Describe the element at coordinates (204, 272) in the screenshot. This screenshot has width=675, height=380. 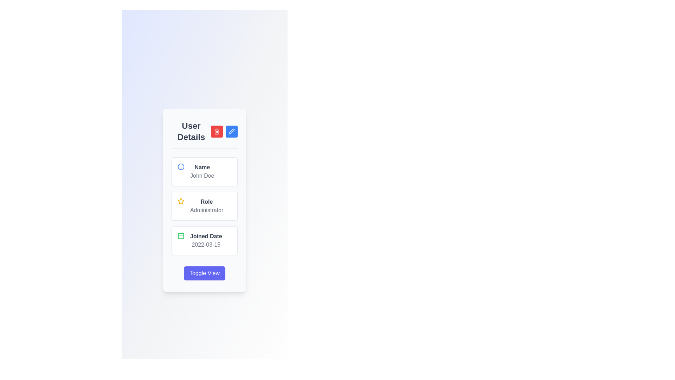
I see `the toggle view mode button located at the bottom of the user details panel, positioned directly below the 'Joined Date' section` at that location.